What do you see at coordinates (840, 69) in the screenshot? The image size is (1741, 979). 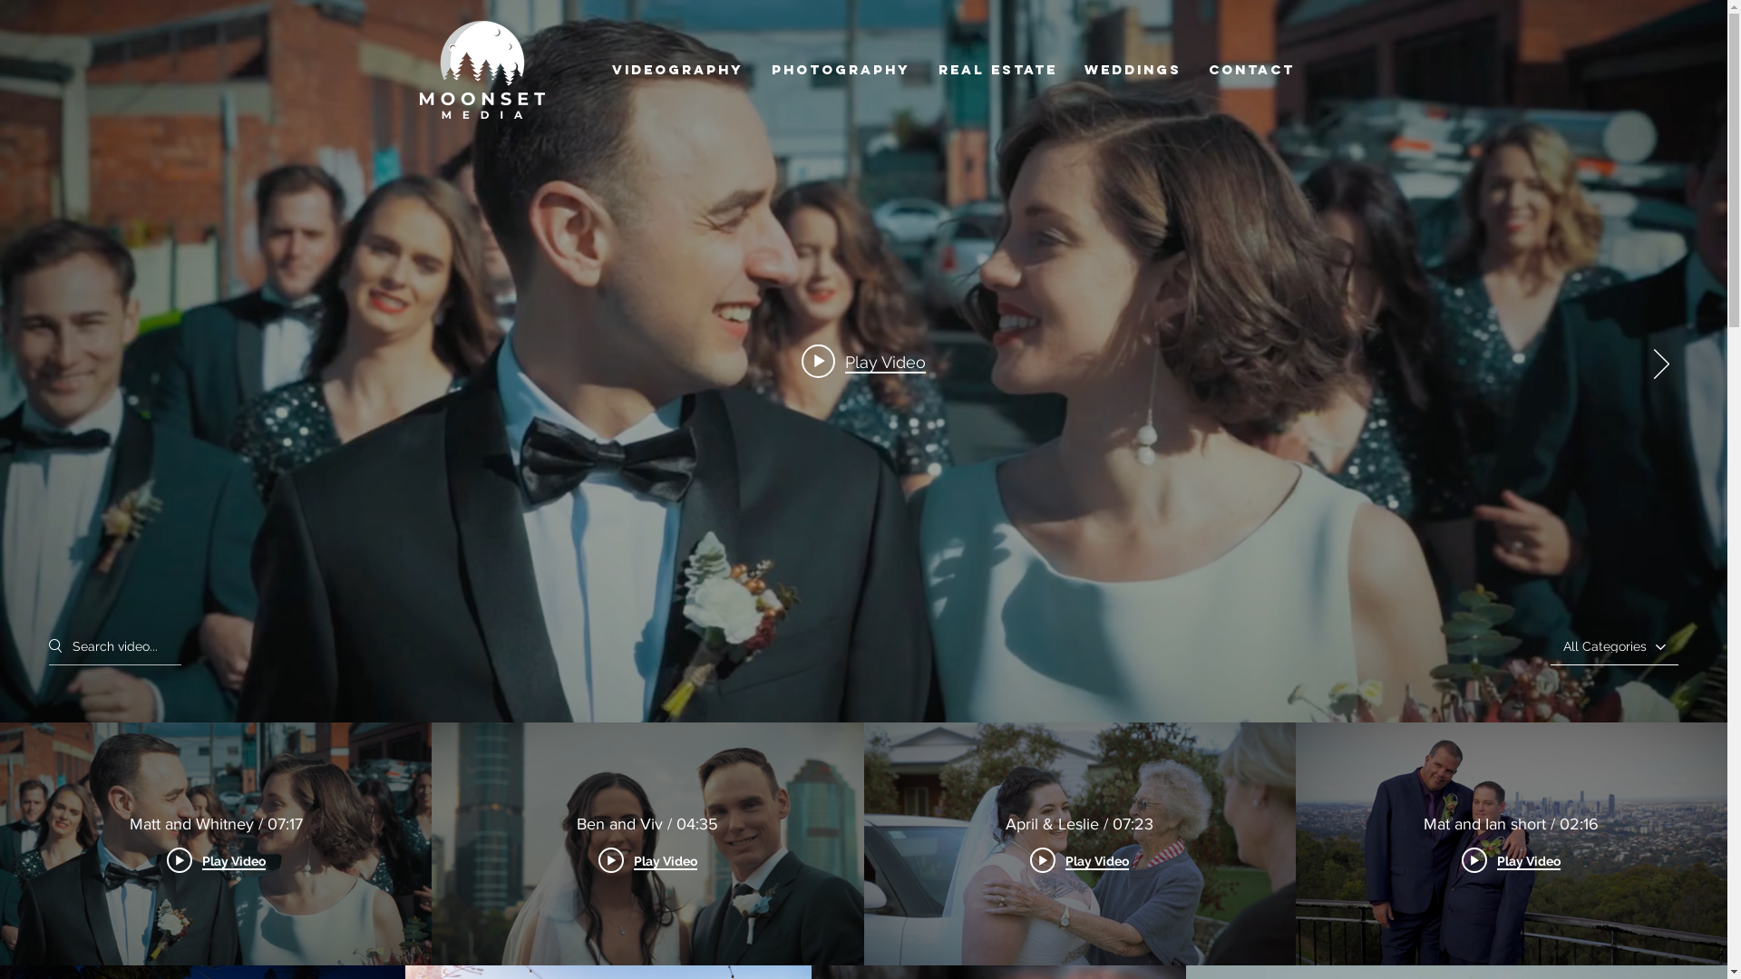 I see `'PHOTOGRAPHY'` at bounding box center [840, 69].